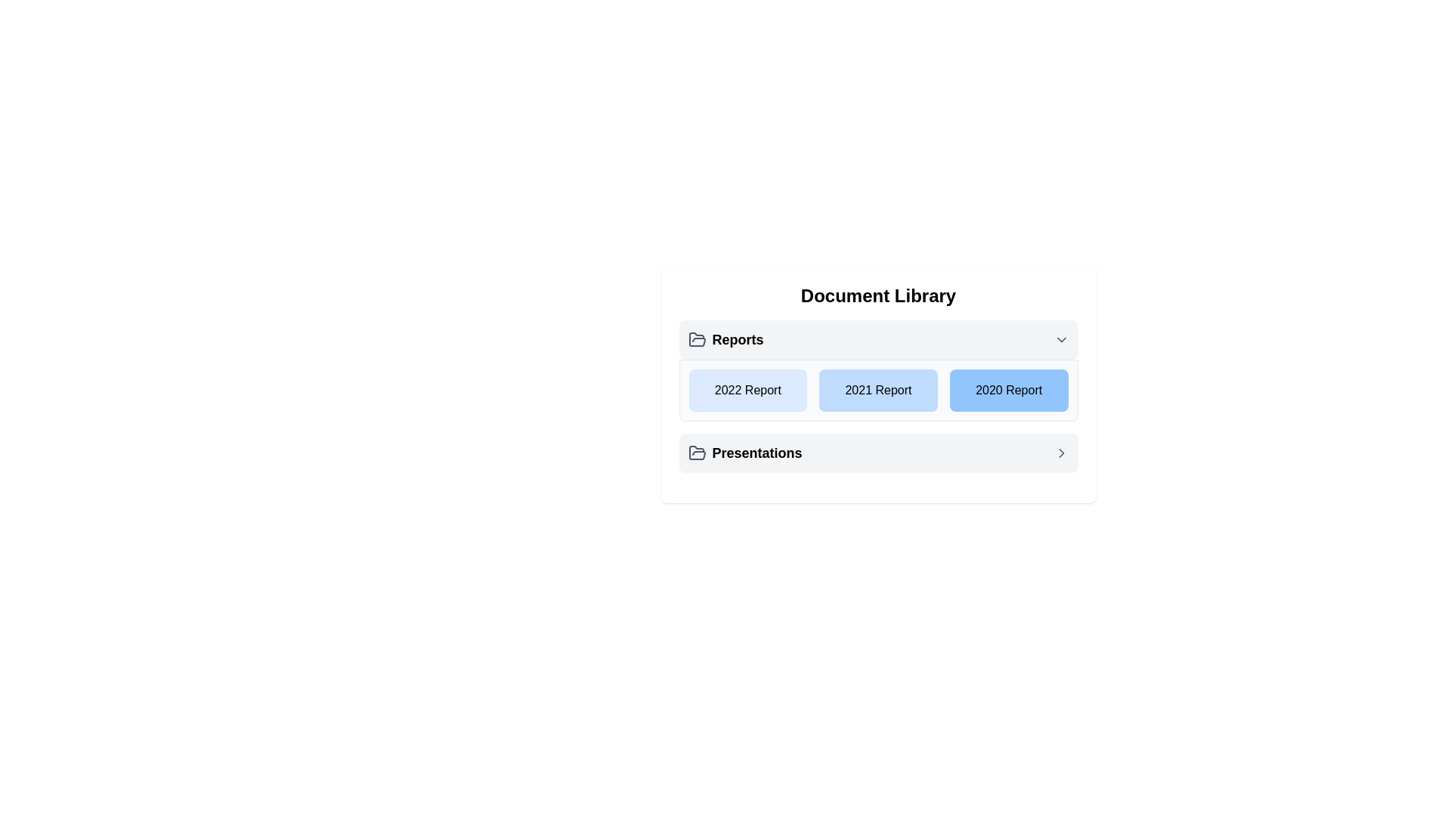 This screenshot has height=816, width=1451. Describe the element at coordinates (1009, 389) in the screenshot. I see `the static label displaying the text '2020 Report', which is the third button under the 'Reports' heading in the 'Document Library' interface` at that location.